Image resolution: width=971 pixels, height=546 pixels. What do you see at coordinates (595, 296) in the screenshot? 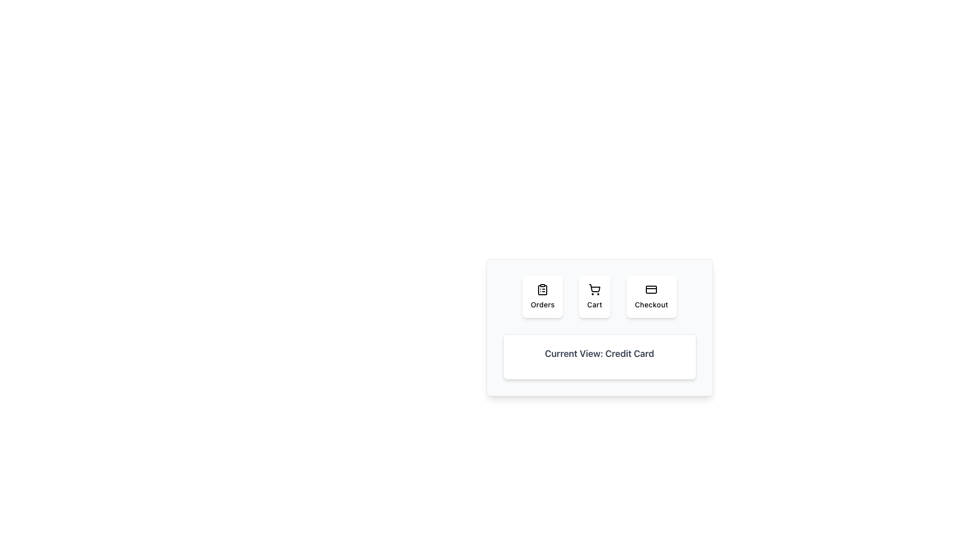
I see `the 'Cart' button, which is a rectangular block with rounded corners featuring a shopping cart icon above the text 'Cart'` at bounding box center [595, 296].